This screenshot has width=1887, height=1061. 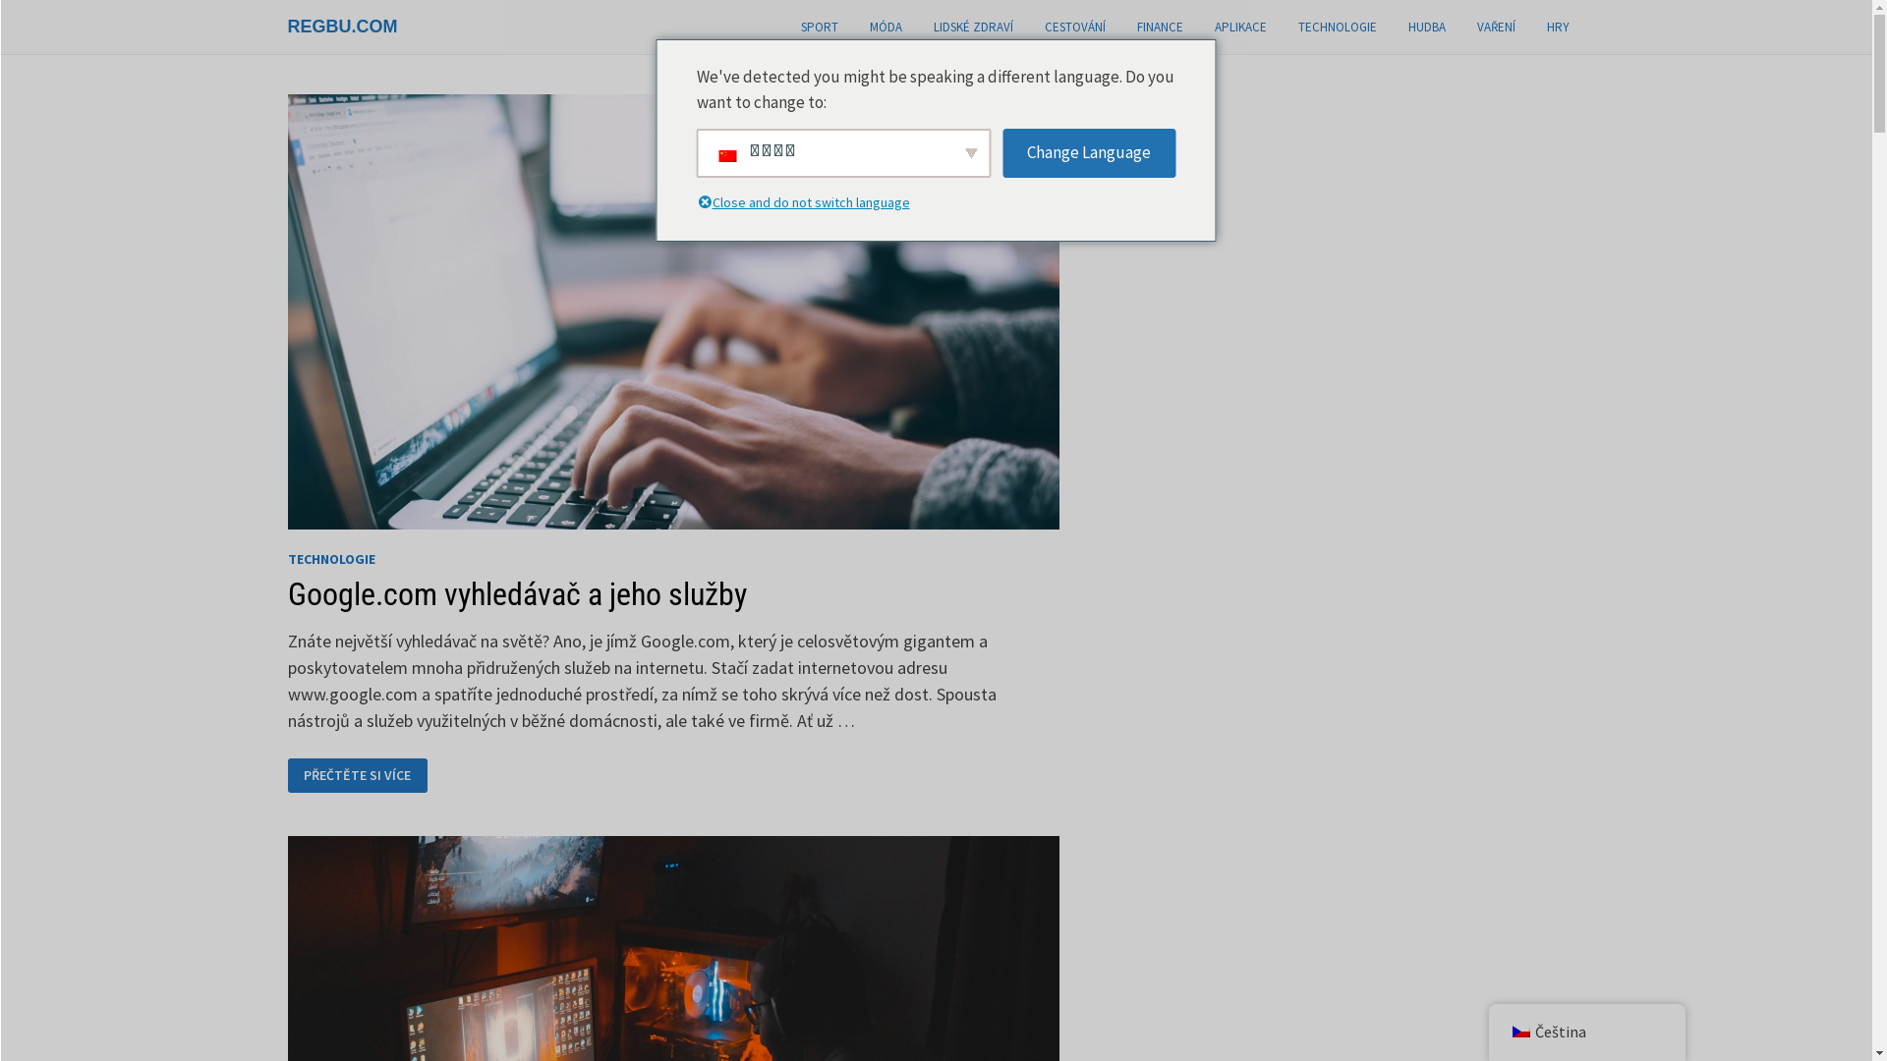 What do you see at coordinates (1425, 27) in the screenshot?
I see `'HUDBA'` at bounding box center [1425, 27].